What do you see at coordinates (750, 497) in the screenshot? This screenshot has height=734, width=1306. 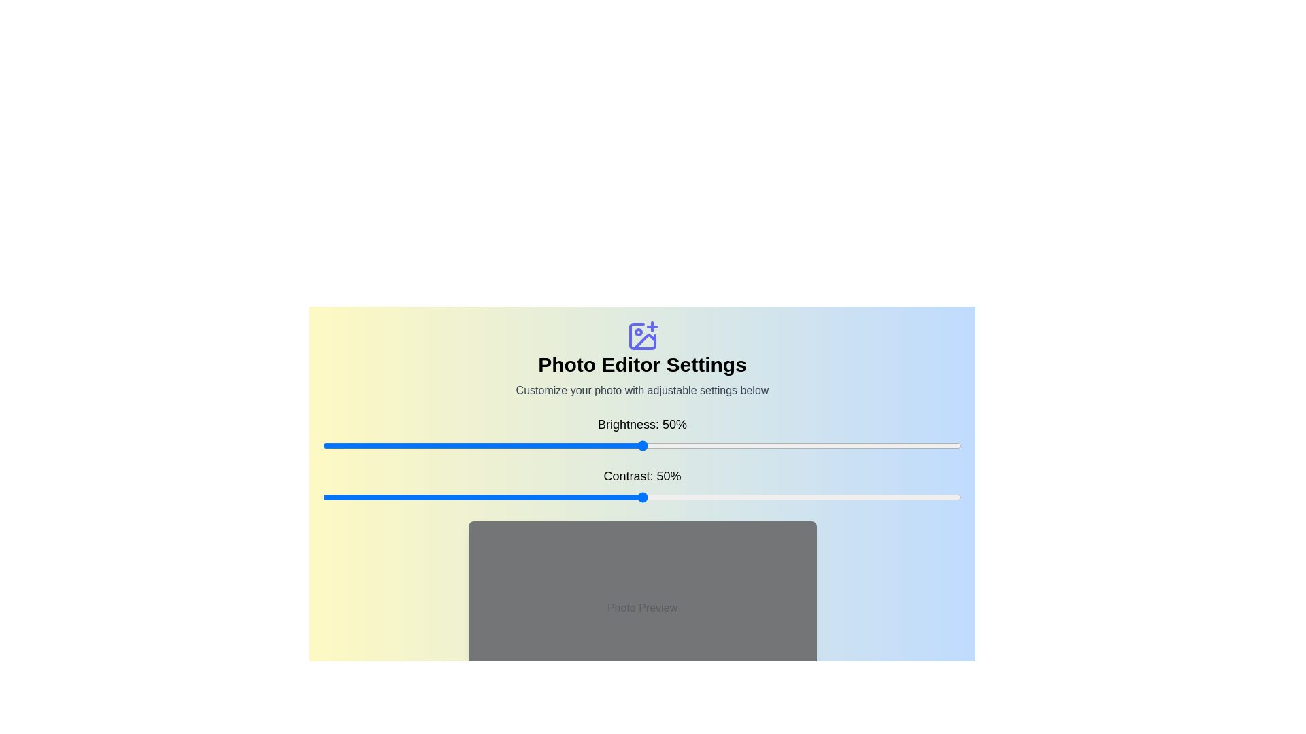 I see `the contrast slider to 67%` at bounding box center [750, 497].